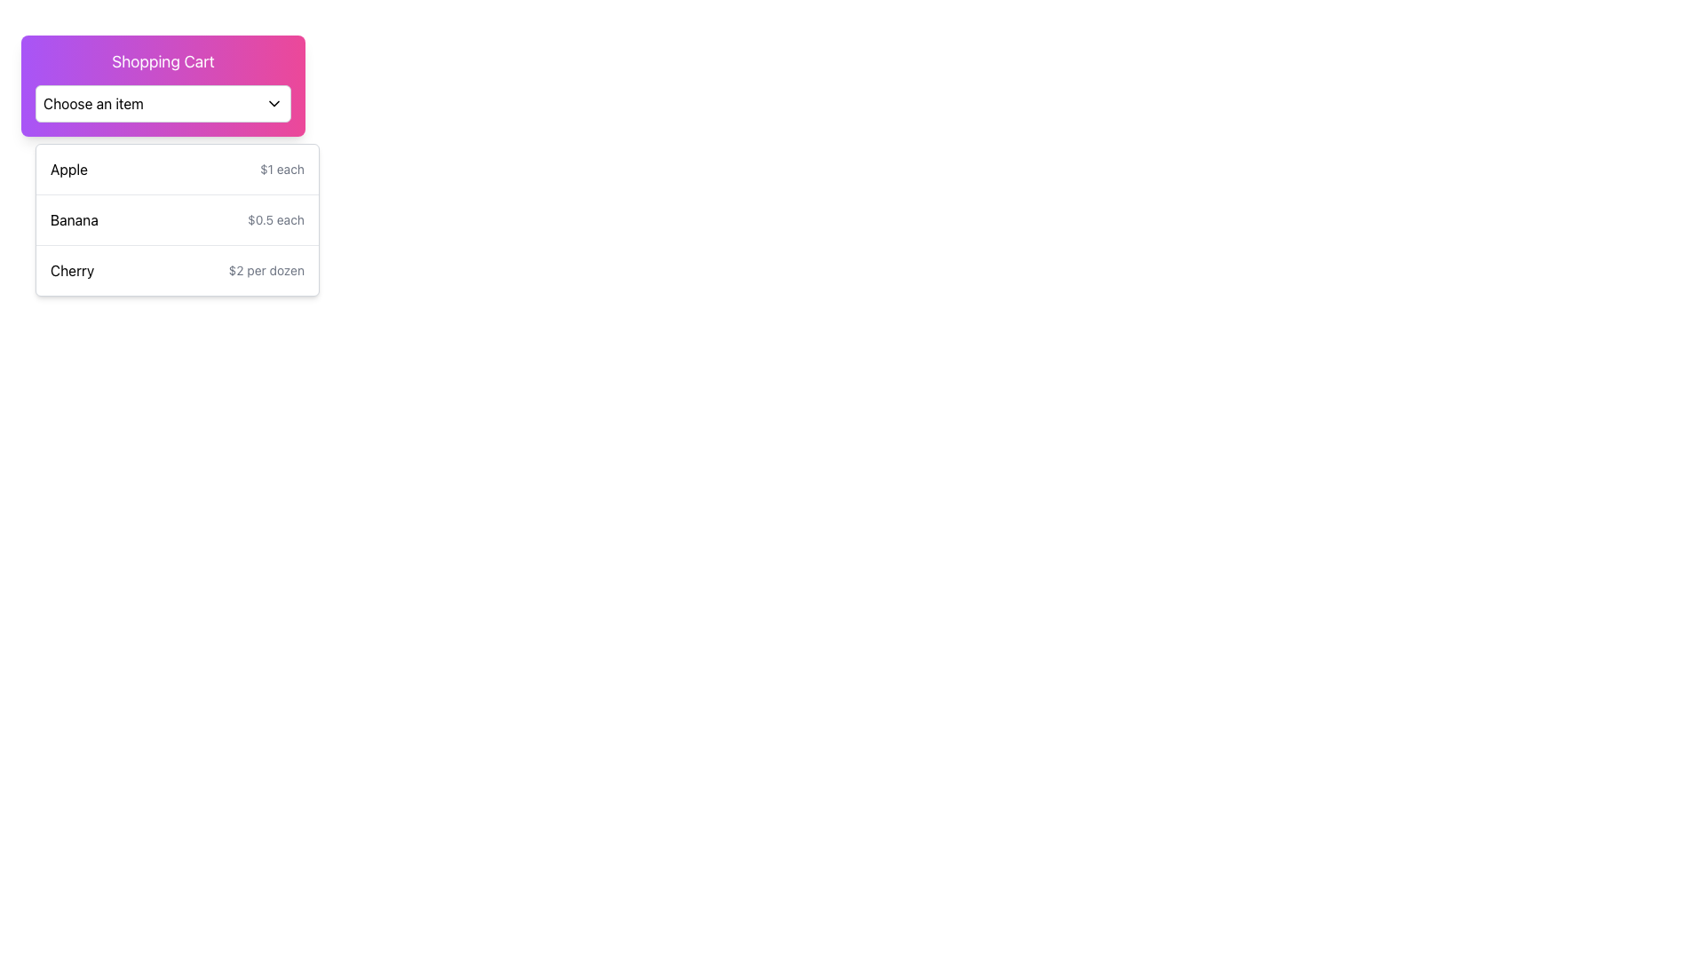 This screenshot has width=1705, height=959. I want to click on the shopping list item labeled 'Banana' which displays its price of '$0.5 each', so click(178, 218).